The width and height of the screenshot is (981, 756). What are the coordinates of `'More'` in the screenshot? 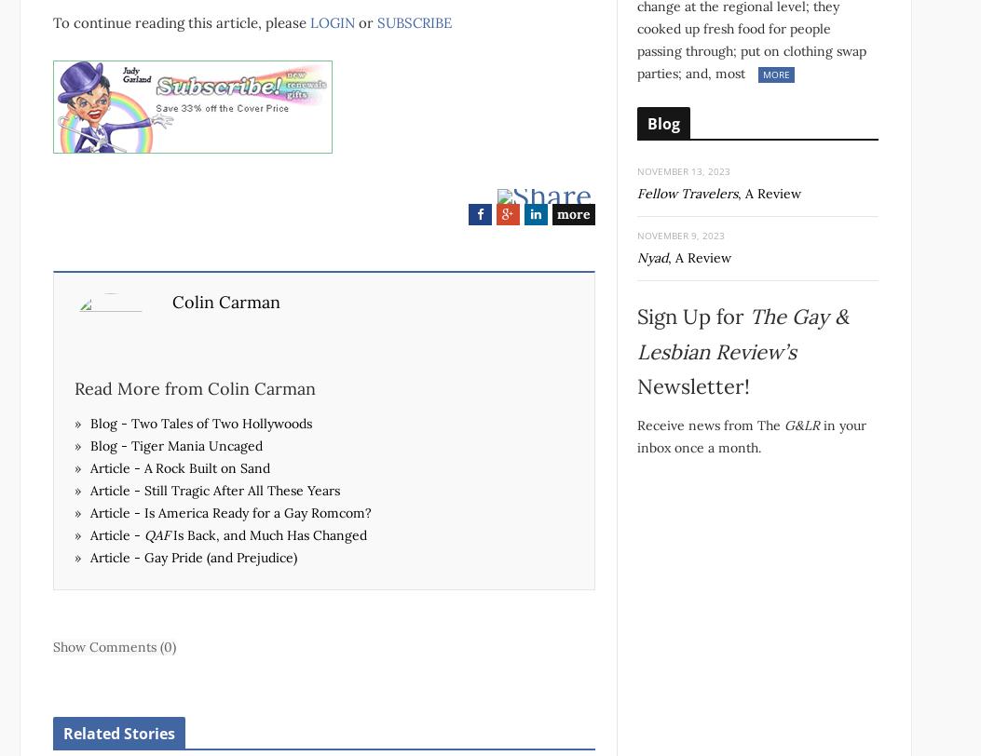 It's located at (774, 74).